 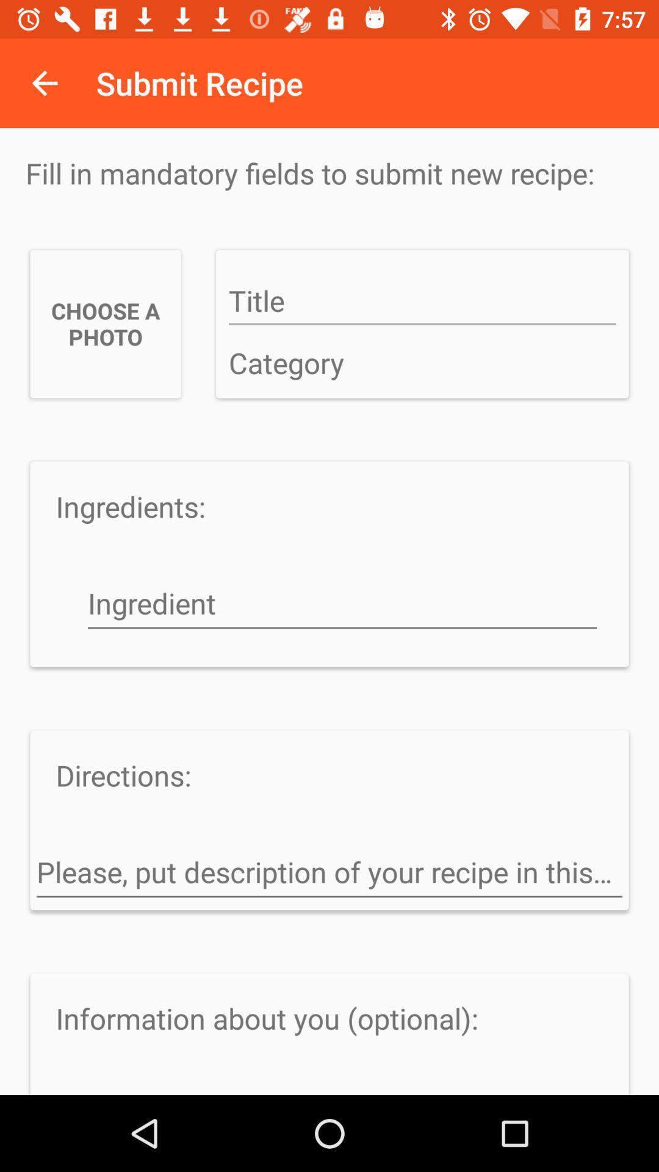 What do you see at coordinates (342, 605) in the screenshot?
I see `third text box` at bounding box center [342, 605].